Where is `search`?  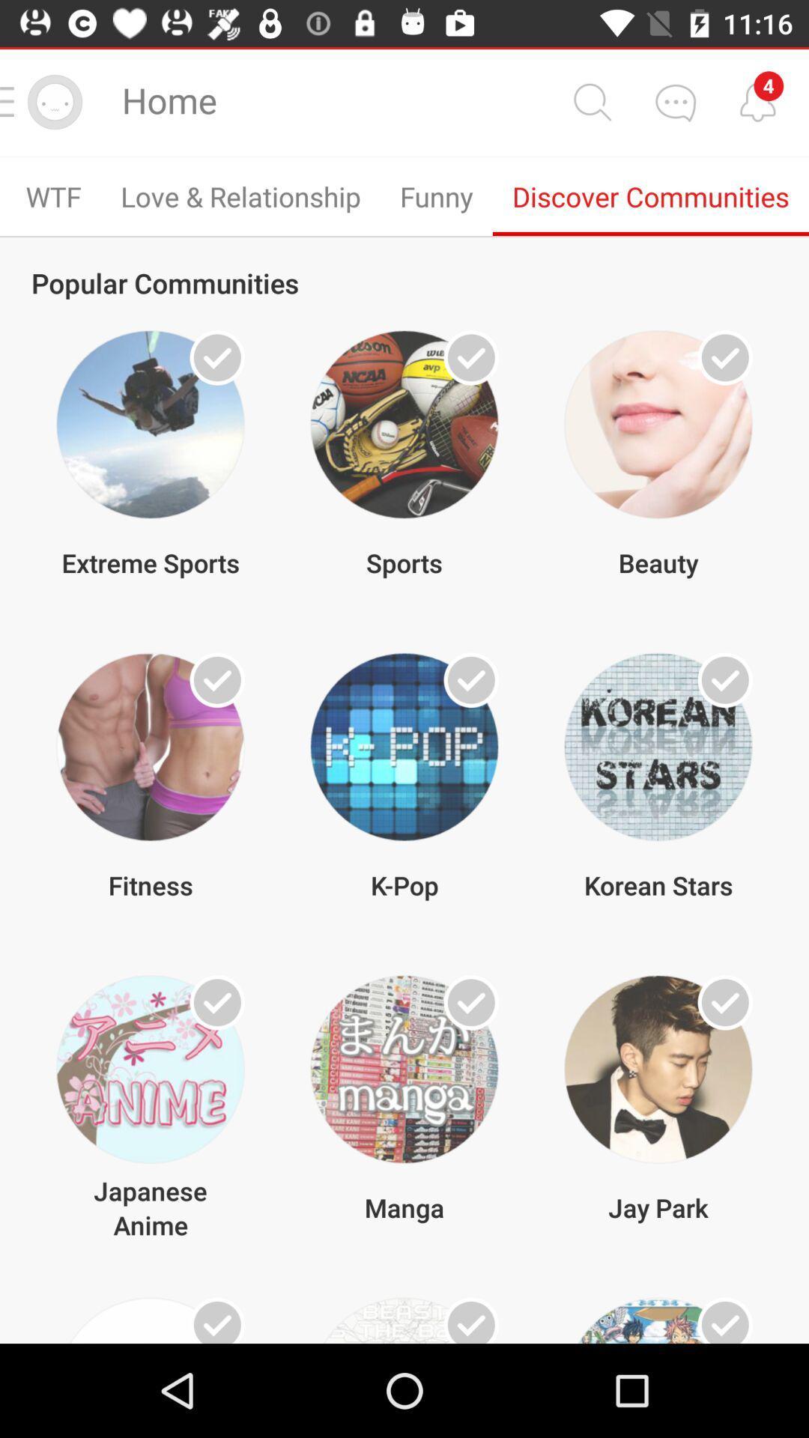
search is located at coordinates (591, 101).